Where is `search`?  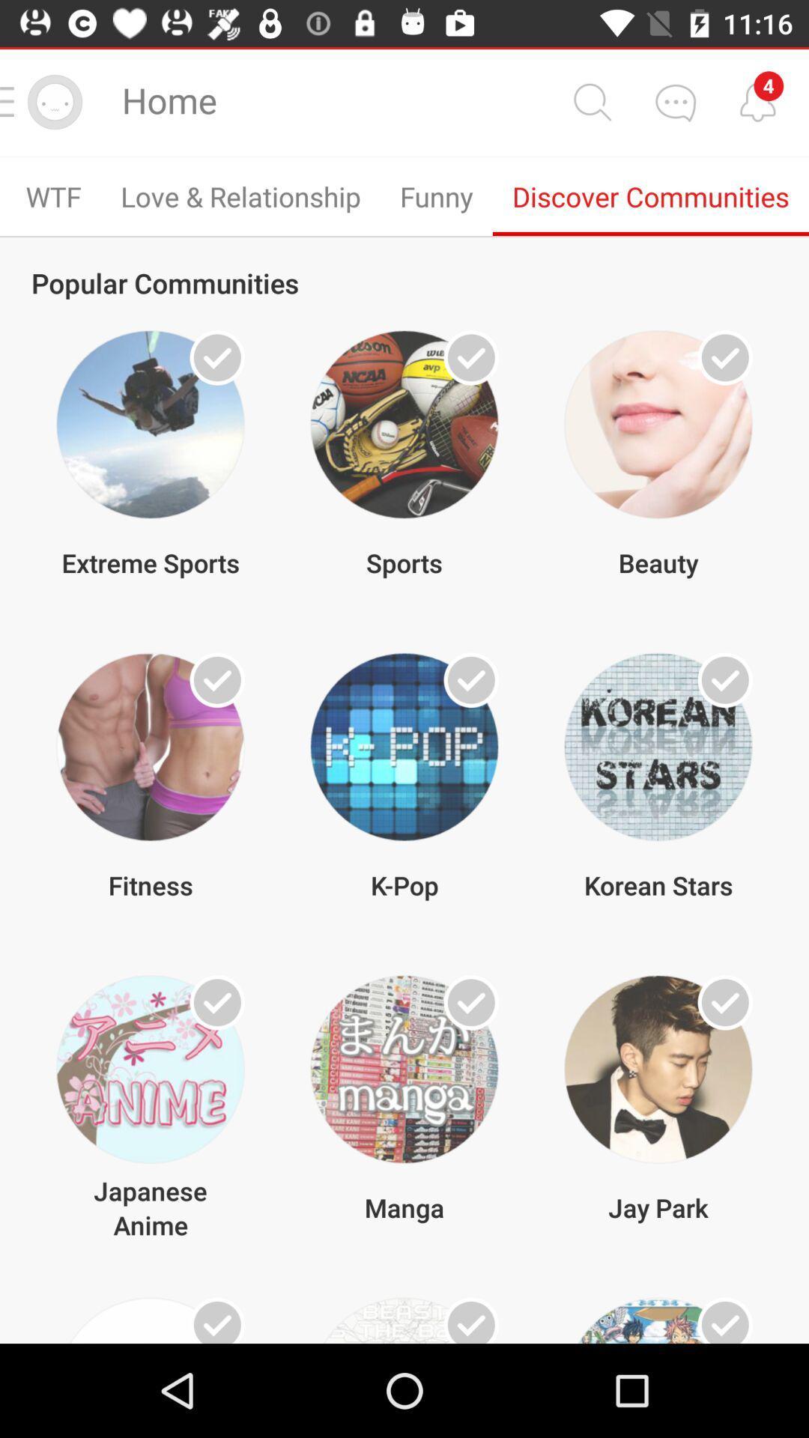
search is located at coordinates (591, 101).